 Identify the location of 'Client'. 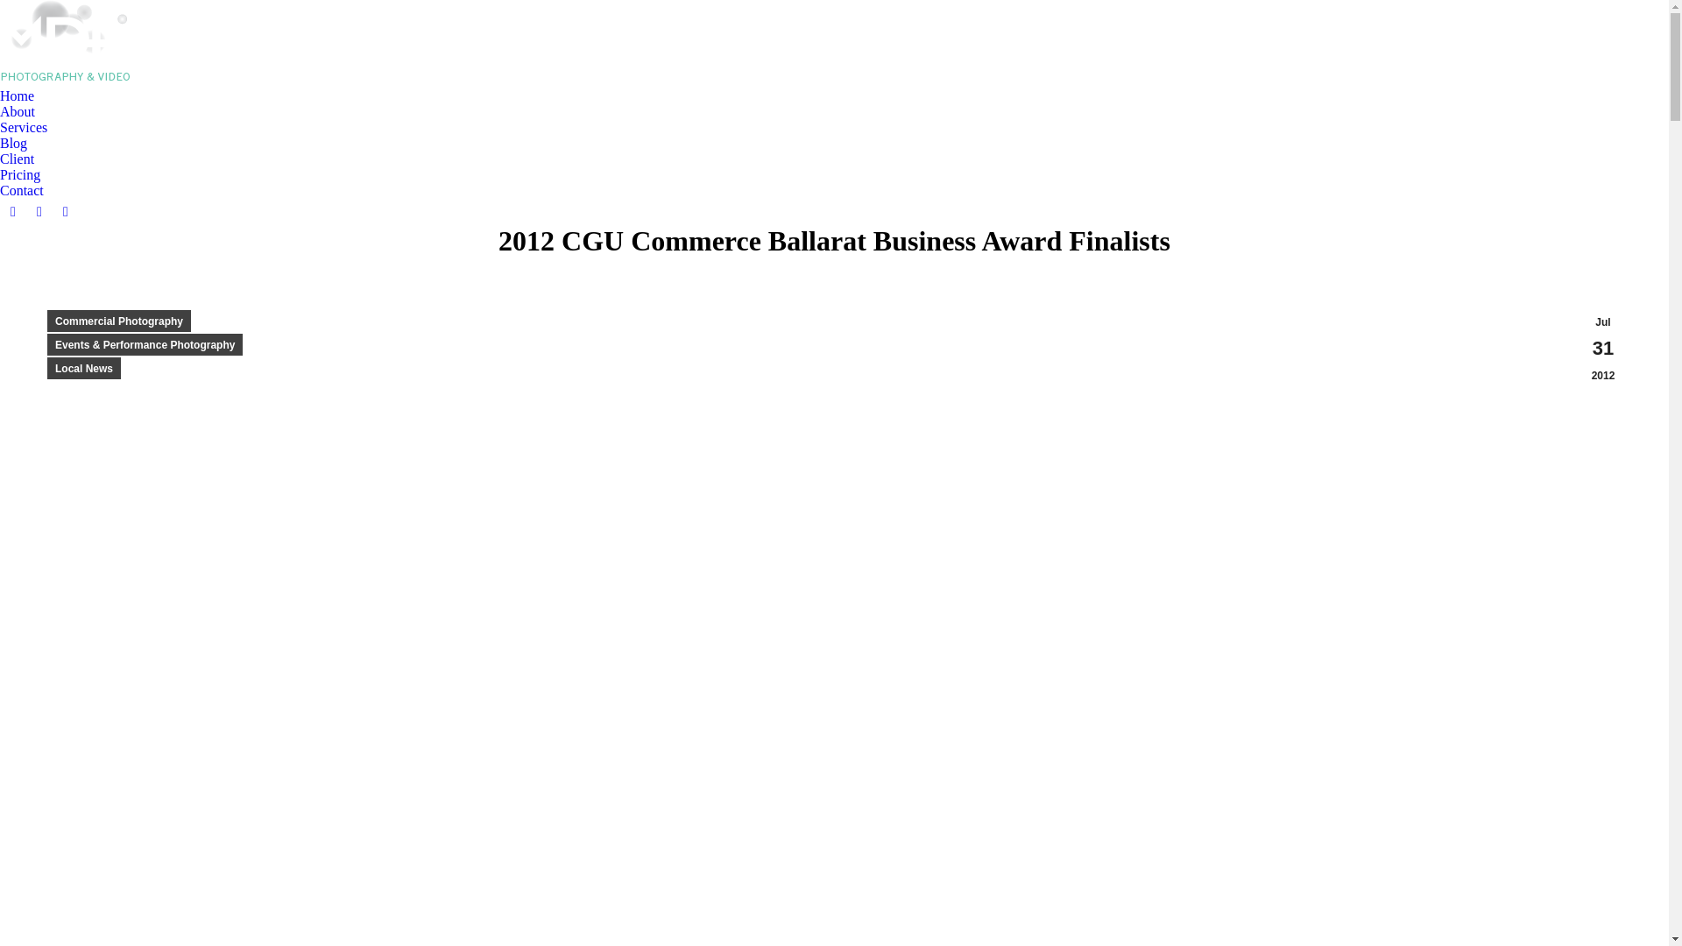
(21, 159).